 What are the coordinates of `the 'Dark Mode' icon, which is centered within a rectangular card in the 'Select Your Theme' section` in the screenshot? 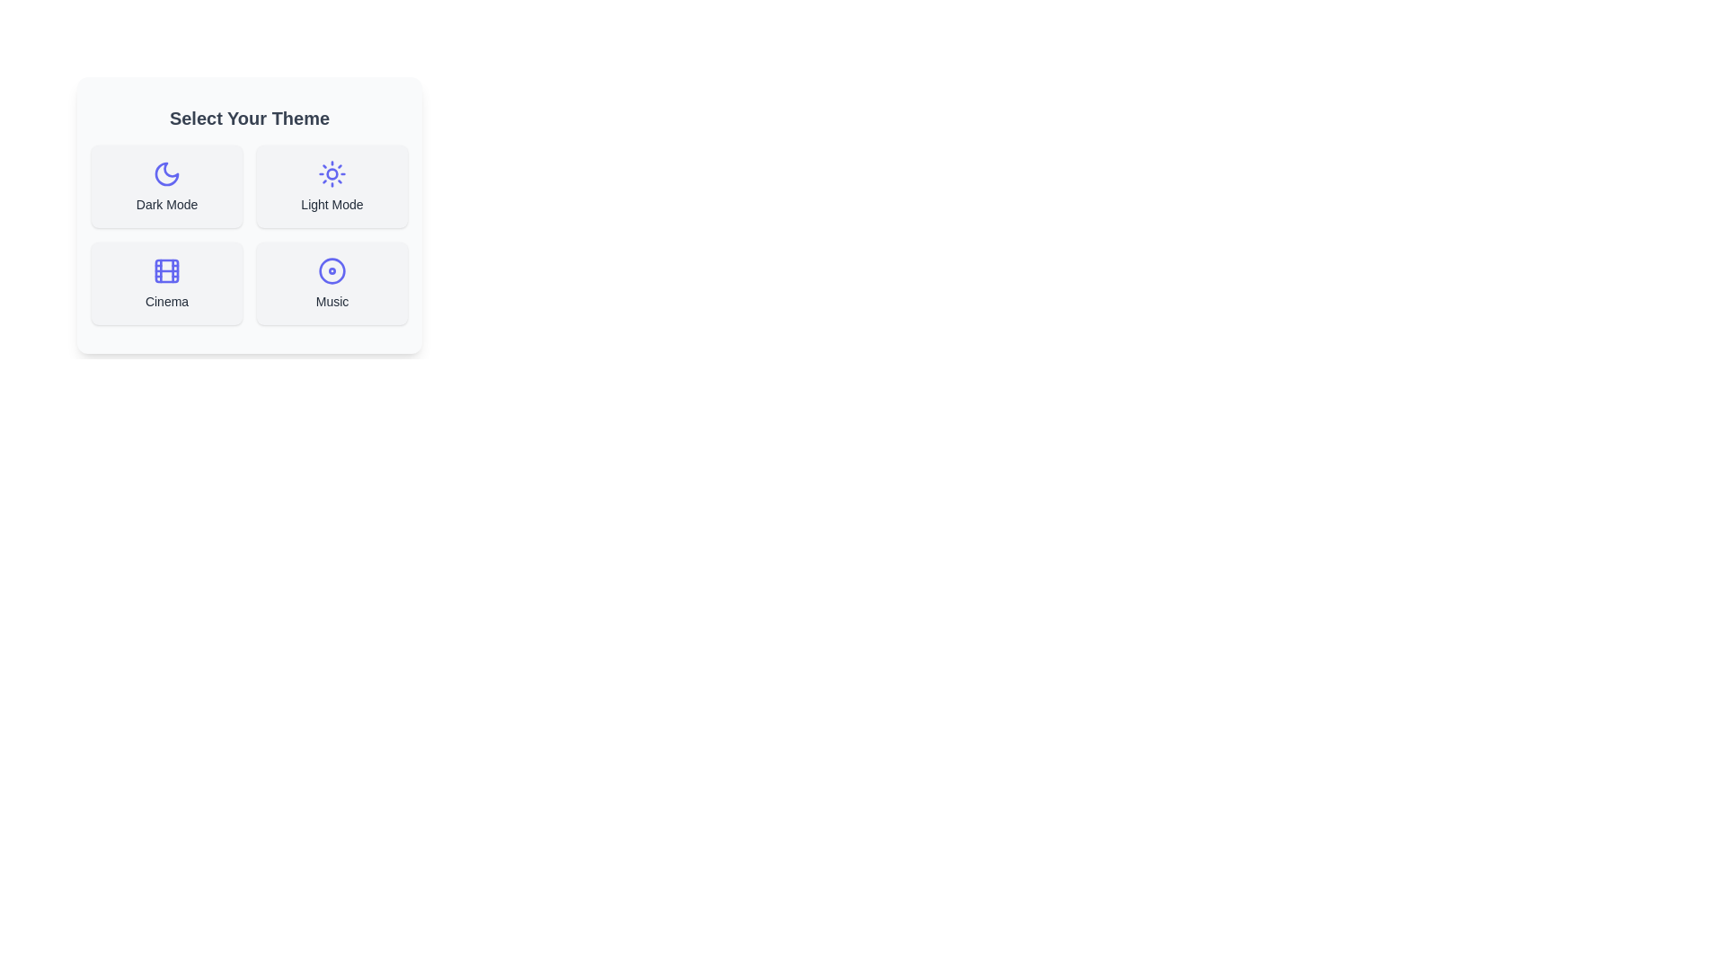 It's located at (167, 173).